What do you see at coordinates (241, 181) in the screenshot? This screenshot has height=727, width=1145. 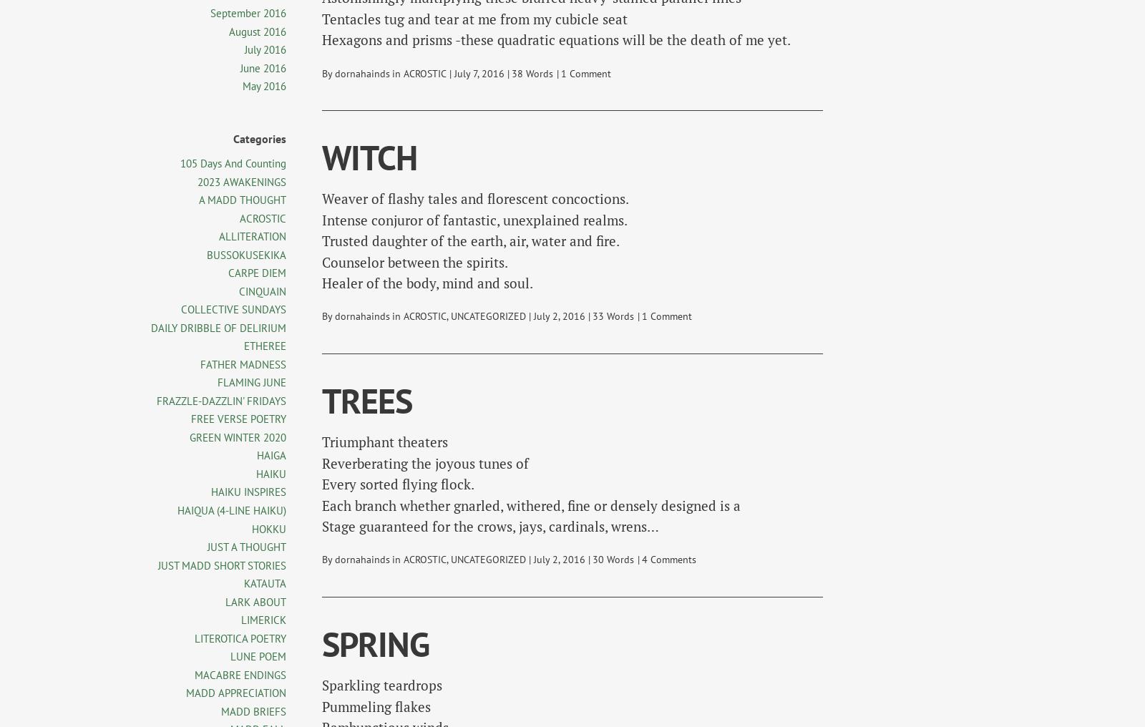 I see `'2023 AWAKENINGS'` at bounding box center [241, 181].